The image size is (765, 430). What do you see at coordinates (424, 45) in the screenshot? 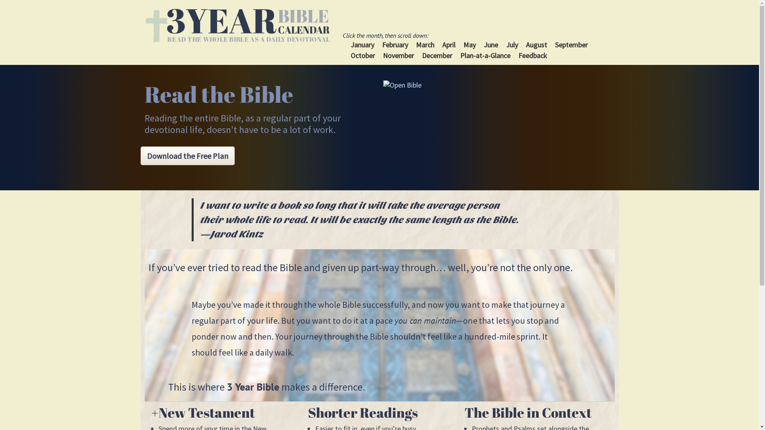
I see `'March'` at bounding box center [424, 45].